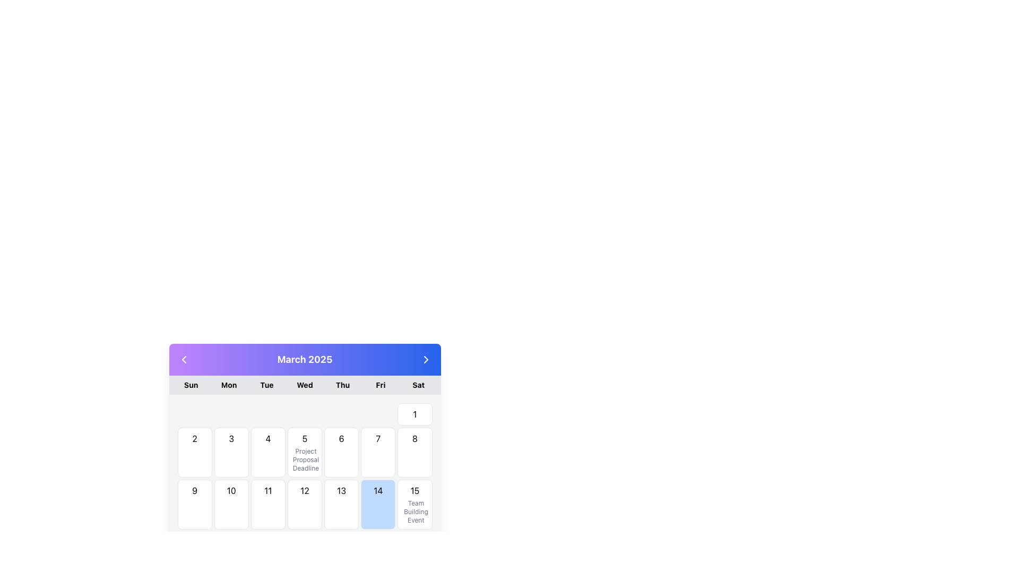  I want to click on the button representing the first day of the month in the calendar, so click(414, 413).